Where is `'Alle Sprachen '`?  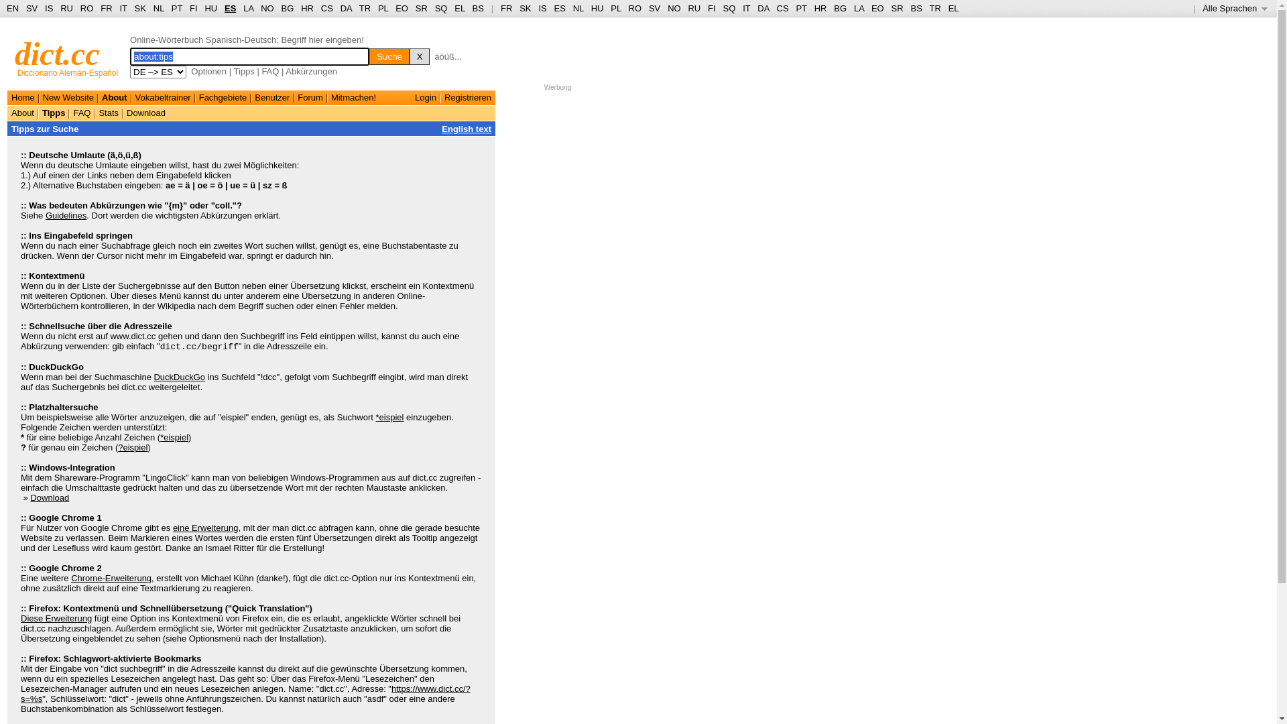 'Alle Sprachen ' is located at coordinates (1234, 8).